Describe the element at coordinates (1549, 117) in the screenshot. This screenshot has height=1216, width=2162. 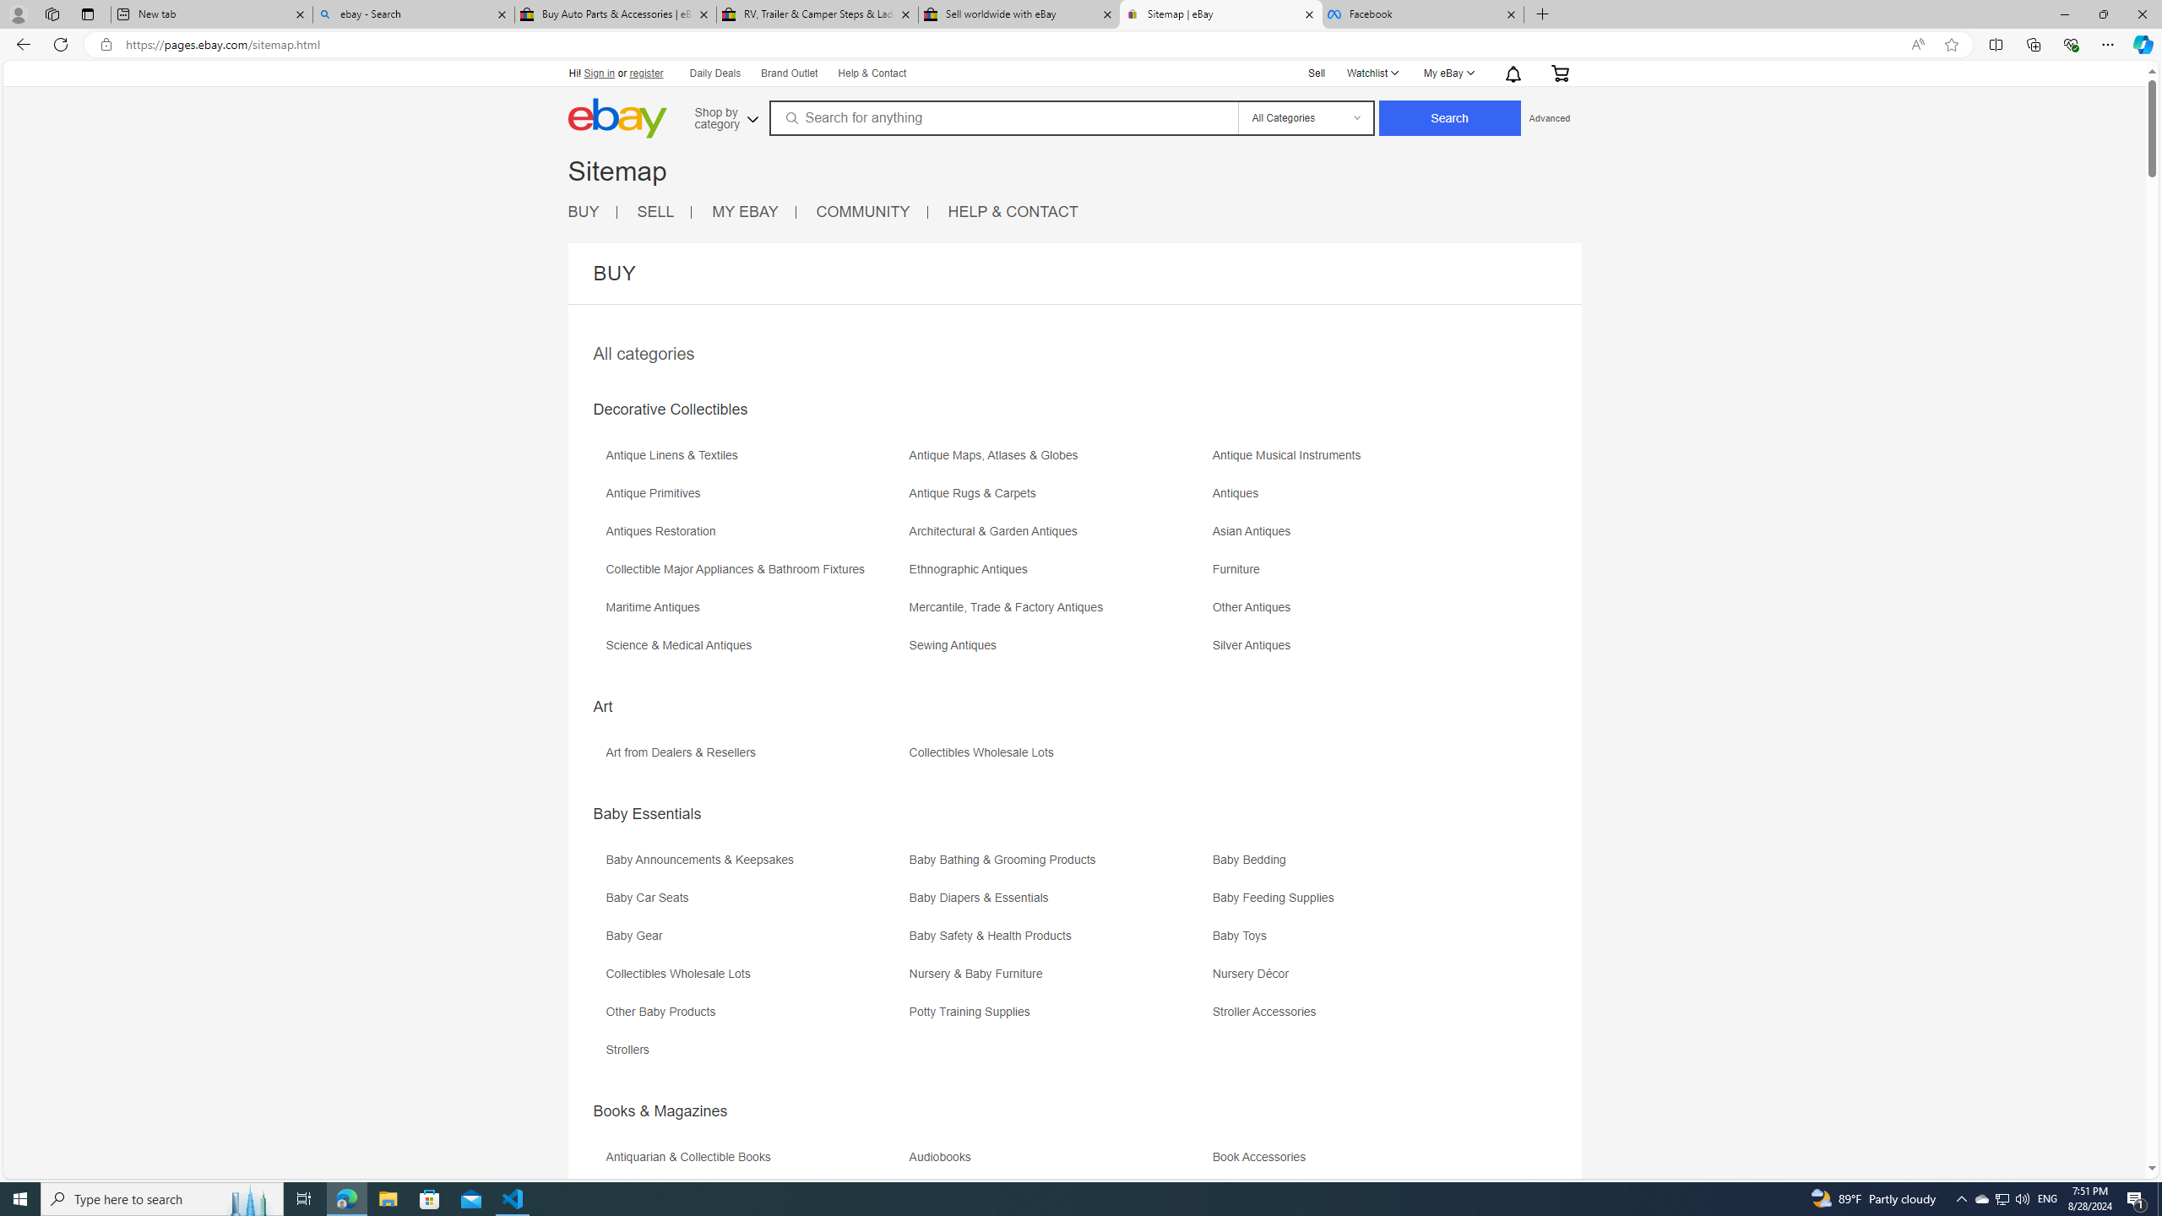
I see `'Advanced Search'` at that location.